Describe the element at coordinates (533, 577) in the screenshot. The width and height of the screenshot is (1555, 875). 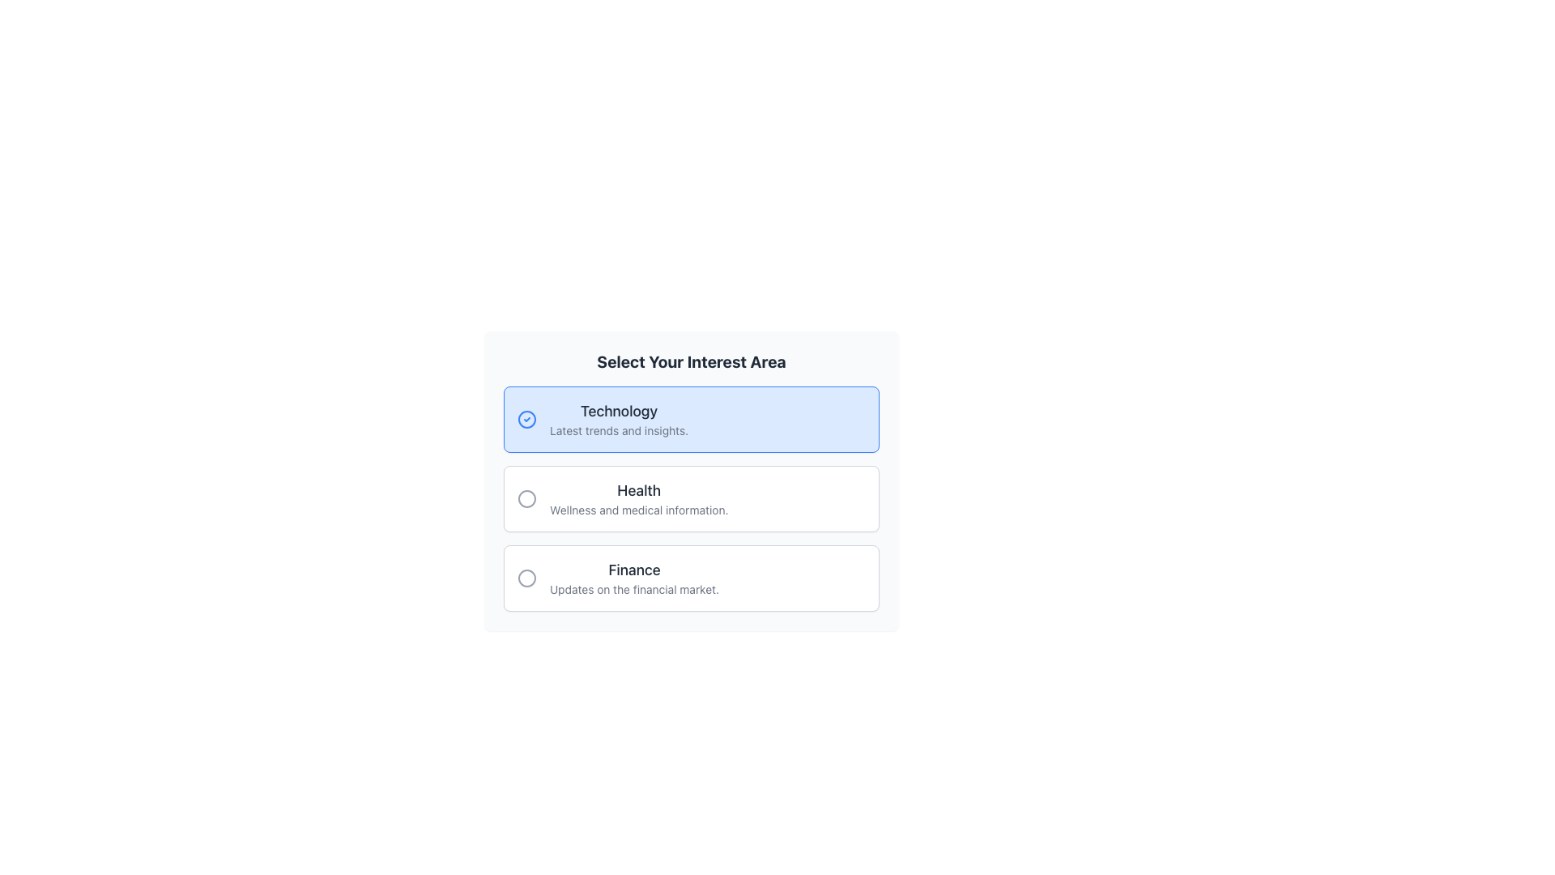
I see `the radio button located in the 'Finance' section, positioned at the leftmost part of the row before the text content` at that location.